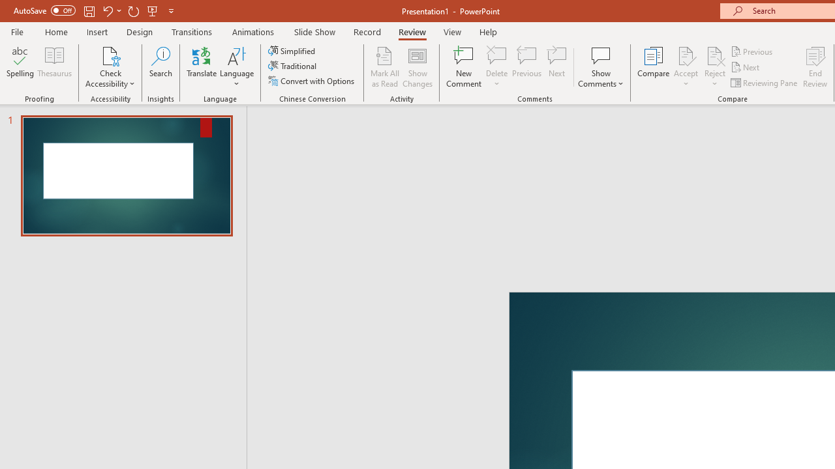 This screenshot has width=835, height=469. What do you see at coordinates (312, 81) in the screenshot?
I see `'Convert with Options...'` at bounding box center [312, 81].